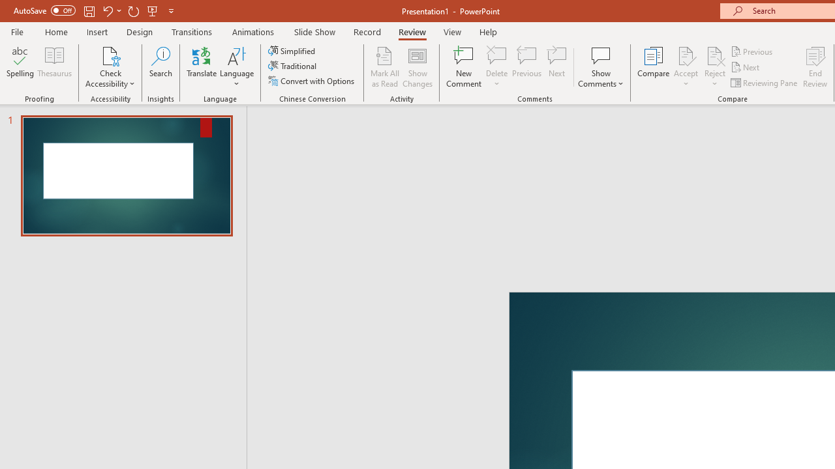 This screenshot has width=835, height=469. What do you see at coordinates (312, 81) in the screenshot?
I see `'Convert with Options...'` at bounding box center [312, 81].